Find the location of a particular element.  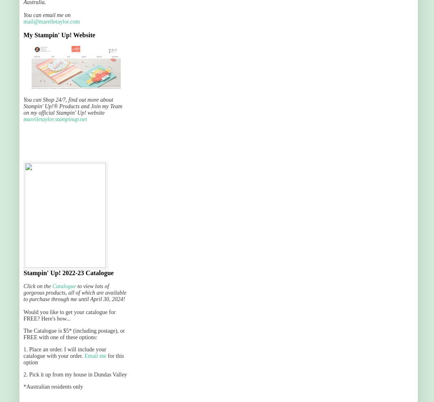

'for this option' is located at coordinates (73, 359).